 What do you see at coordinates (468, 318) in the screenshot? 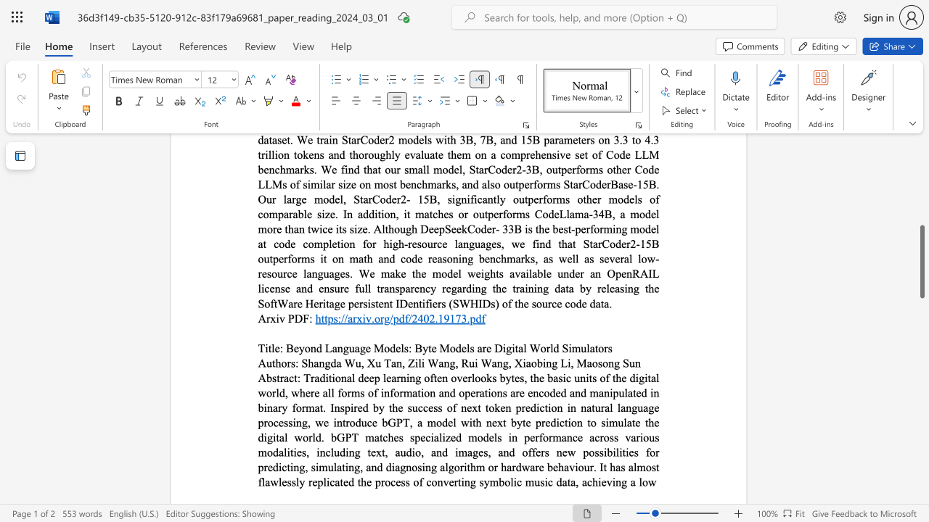
I see `the 3th character "." in the text` at bounding box center [468, 318].